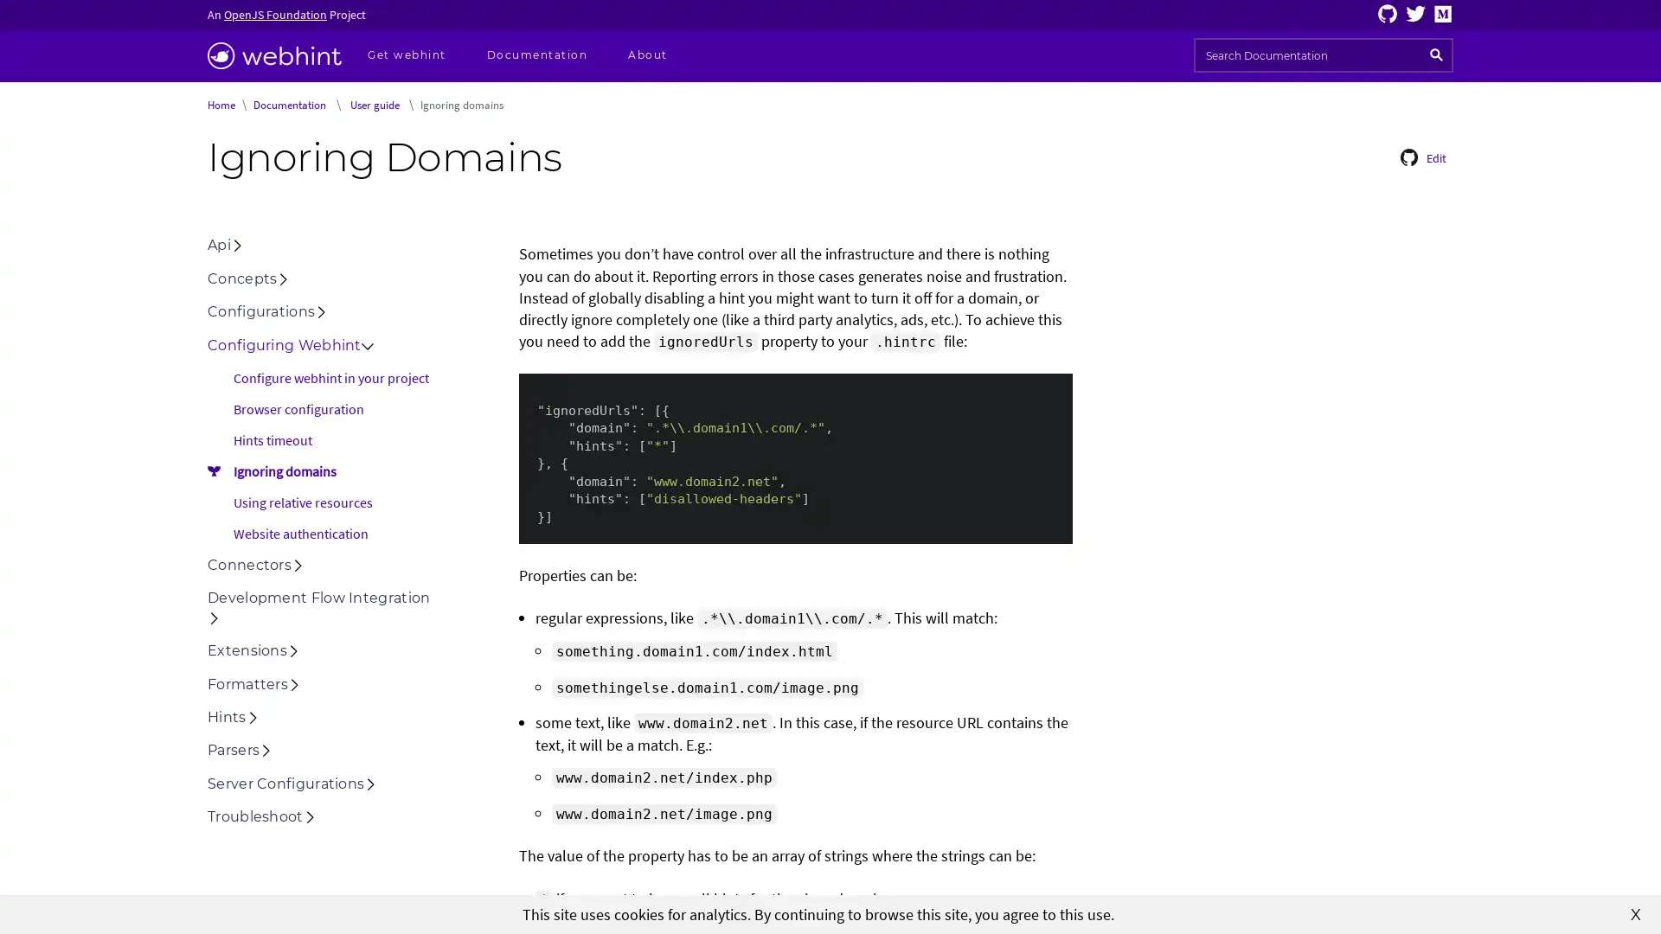 The width and height of the screenshot is (1661, 934). I want to click on search, so click(1436, 54).